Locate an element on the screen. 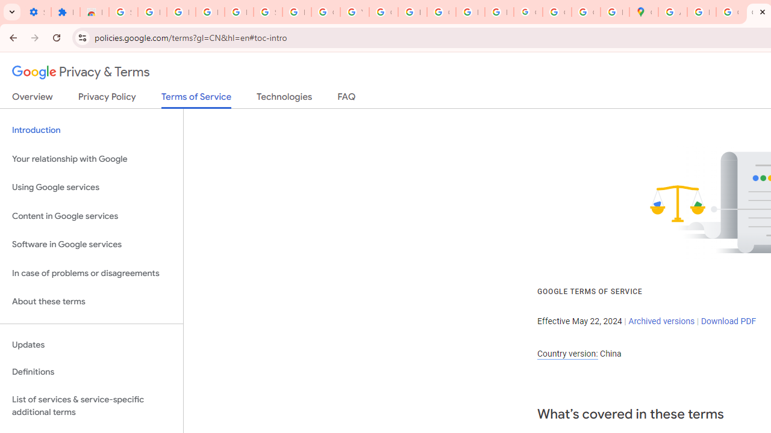 This screenshot has width=771, height=433. 'Country version:' is located at coordinates (567, 353).